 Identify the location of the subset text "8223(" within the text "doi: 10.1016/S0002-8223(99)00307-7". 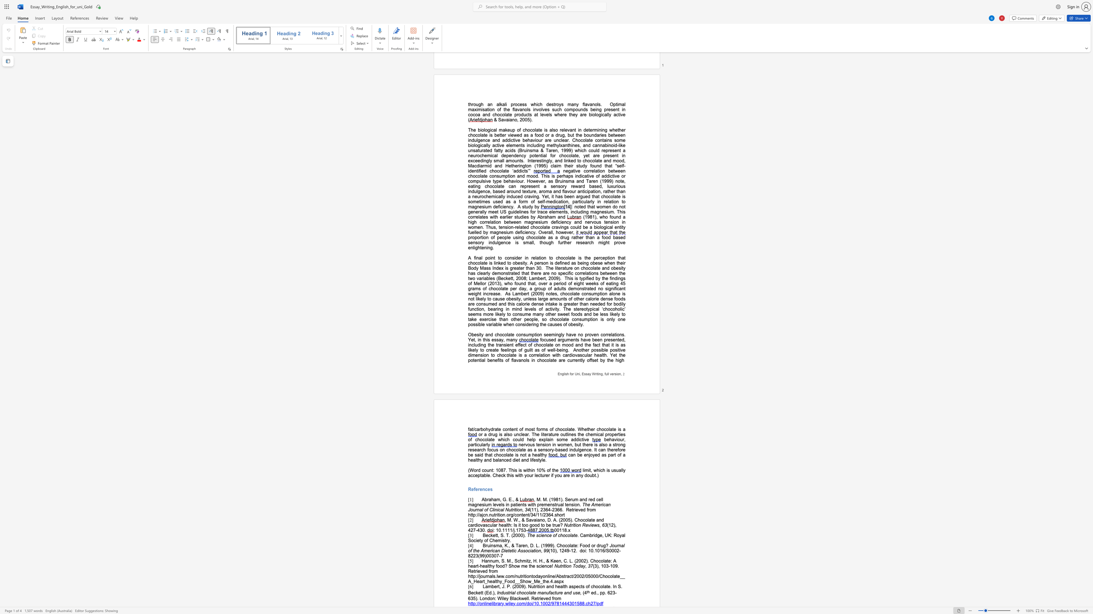
(468, 556).